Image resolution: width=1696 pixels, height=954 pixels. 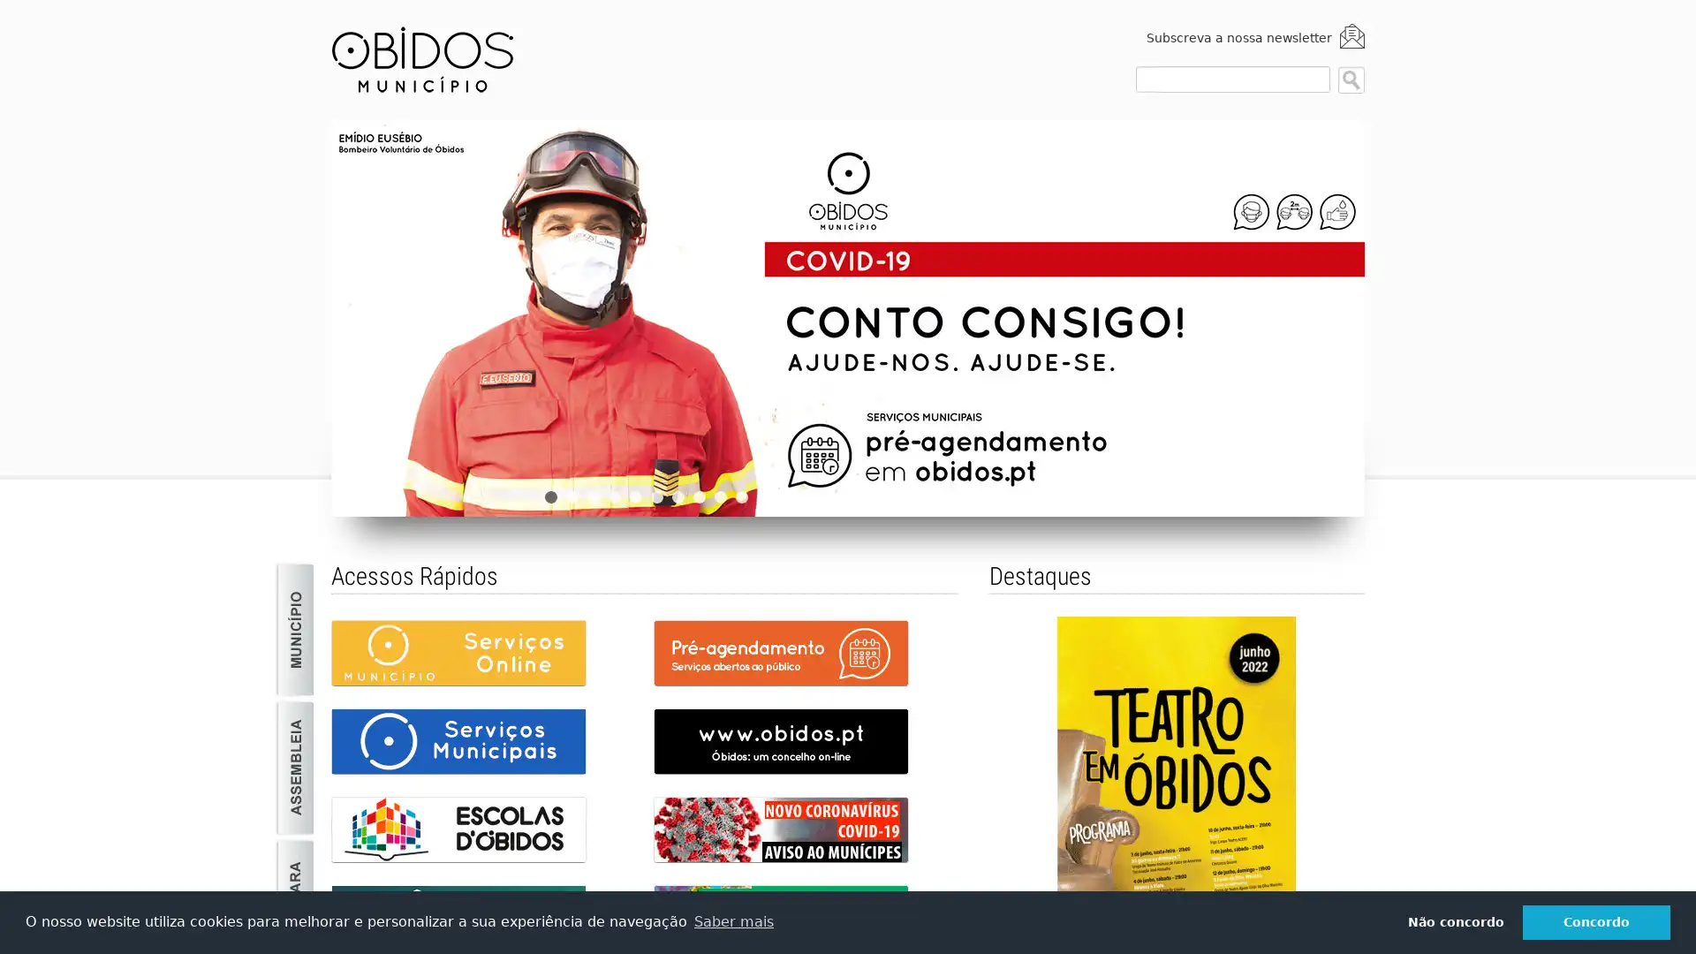 I want to click on learn more about cookies, so click(x=733, y=921).